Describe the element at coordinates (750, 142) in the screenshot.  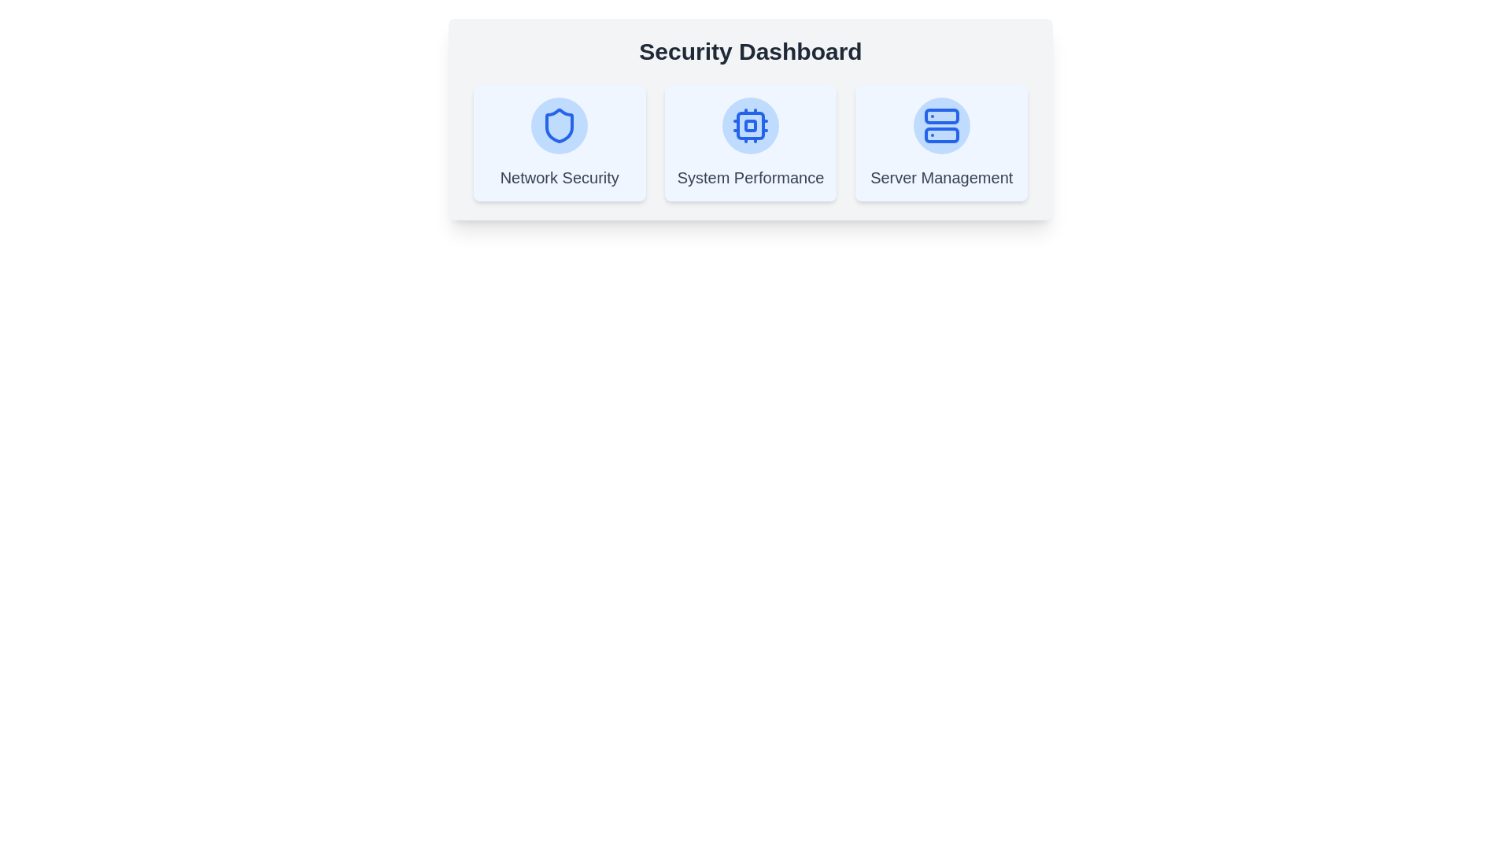
I see `the middle Informative card in the Security Dashboard that provides information about monitoring and optimizing system performance` at that location.